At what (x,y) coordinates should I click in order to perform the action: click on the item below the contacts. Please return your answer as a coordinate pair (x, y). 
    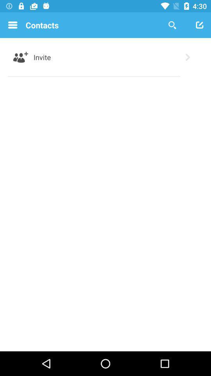
    Looking at the image, I should click on (42, 57).